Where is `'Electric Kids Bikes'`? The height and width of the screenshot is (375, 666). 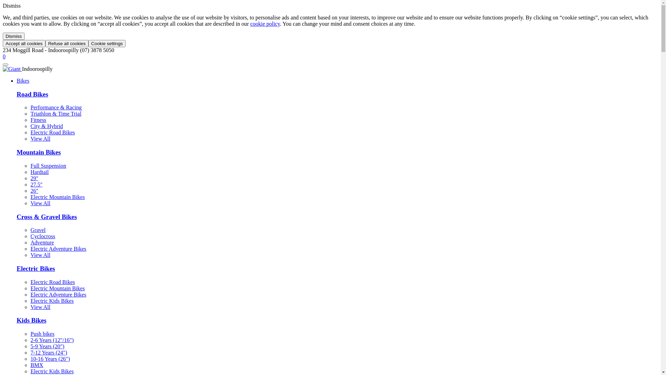 'Electric Kids Bikes' is located at coordinates (51, 300).